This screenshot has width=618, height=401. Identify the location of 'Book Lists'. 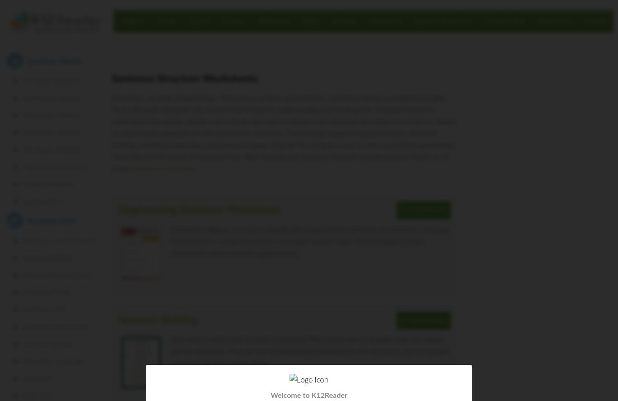
(555, 20).